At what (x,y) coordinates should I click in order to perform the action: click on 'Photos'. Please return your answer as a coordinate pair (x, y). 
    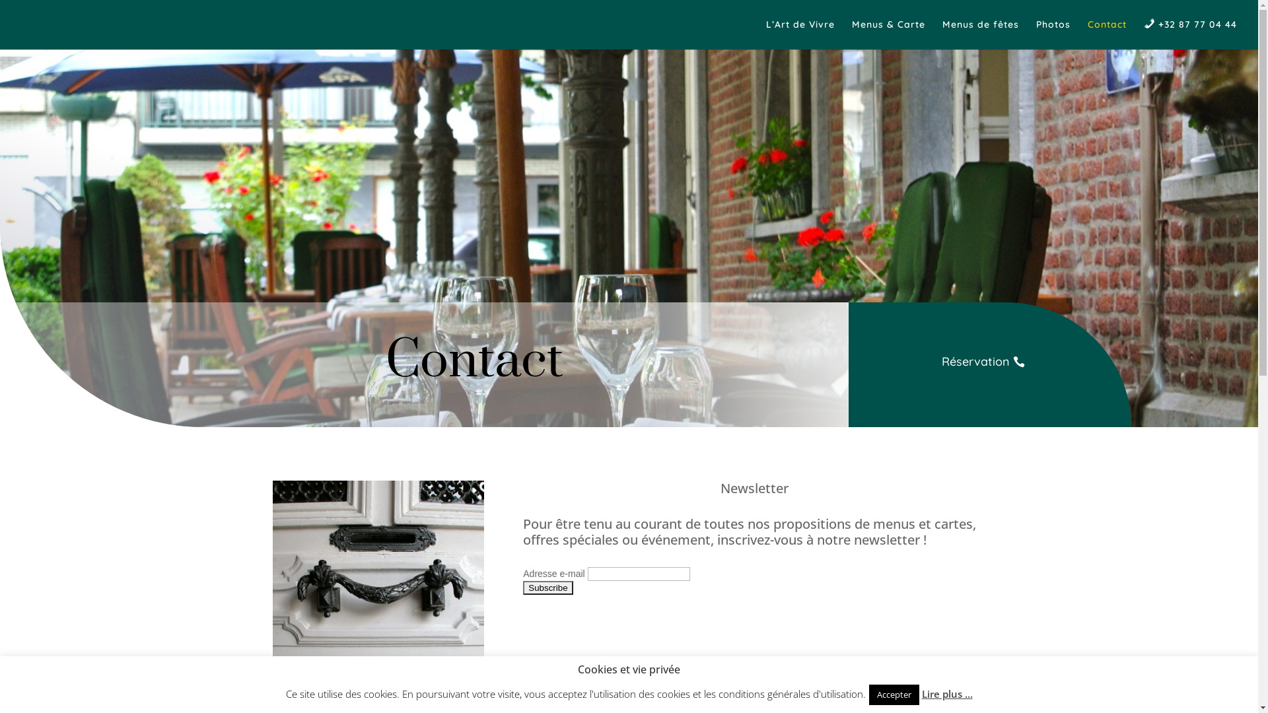
    Looking at the image, I should click on (1052, 33).